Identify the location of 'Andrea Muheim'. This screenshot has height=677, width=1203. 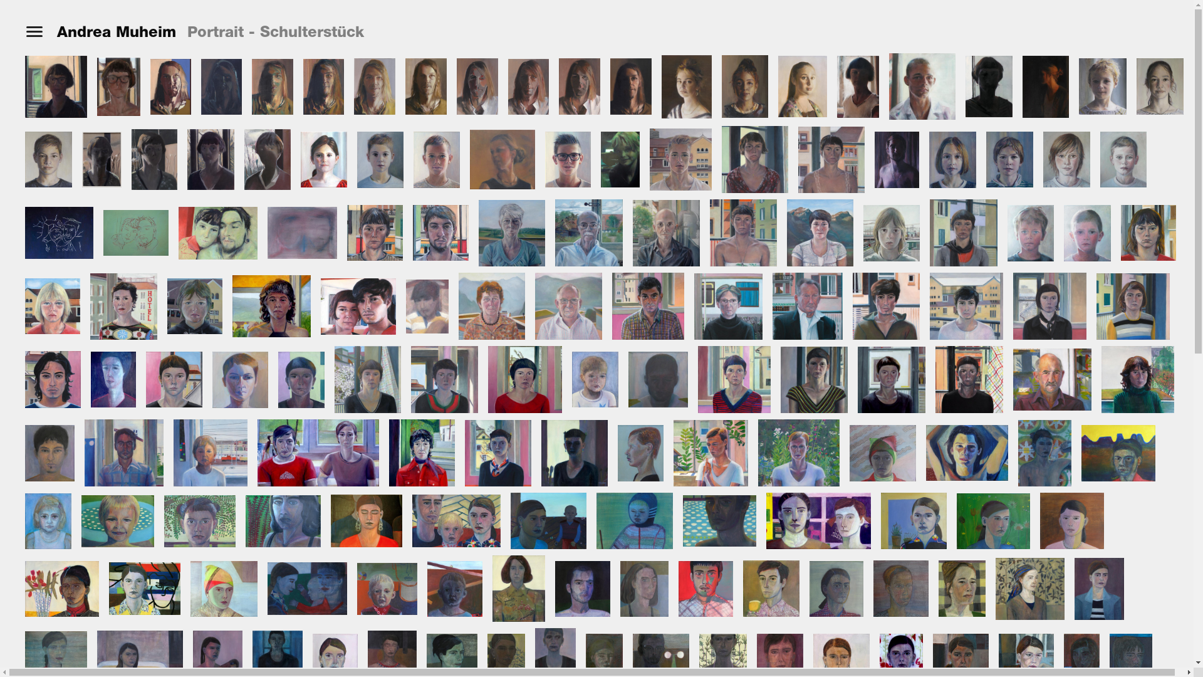
(56, 31).